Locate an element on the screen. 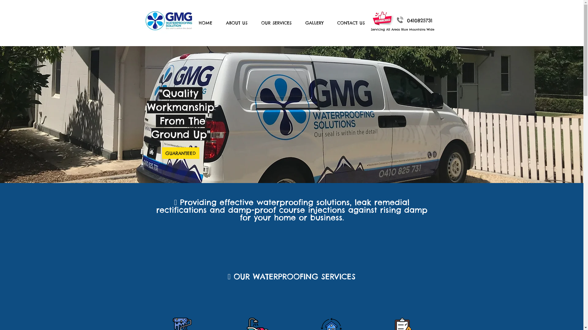 This screenshot has width=588, height=330. 'GALLERY' is located at coordinates (316, 22).